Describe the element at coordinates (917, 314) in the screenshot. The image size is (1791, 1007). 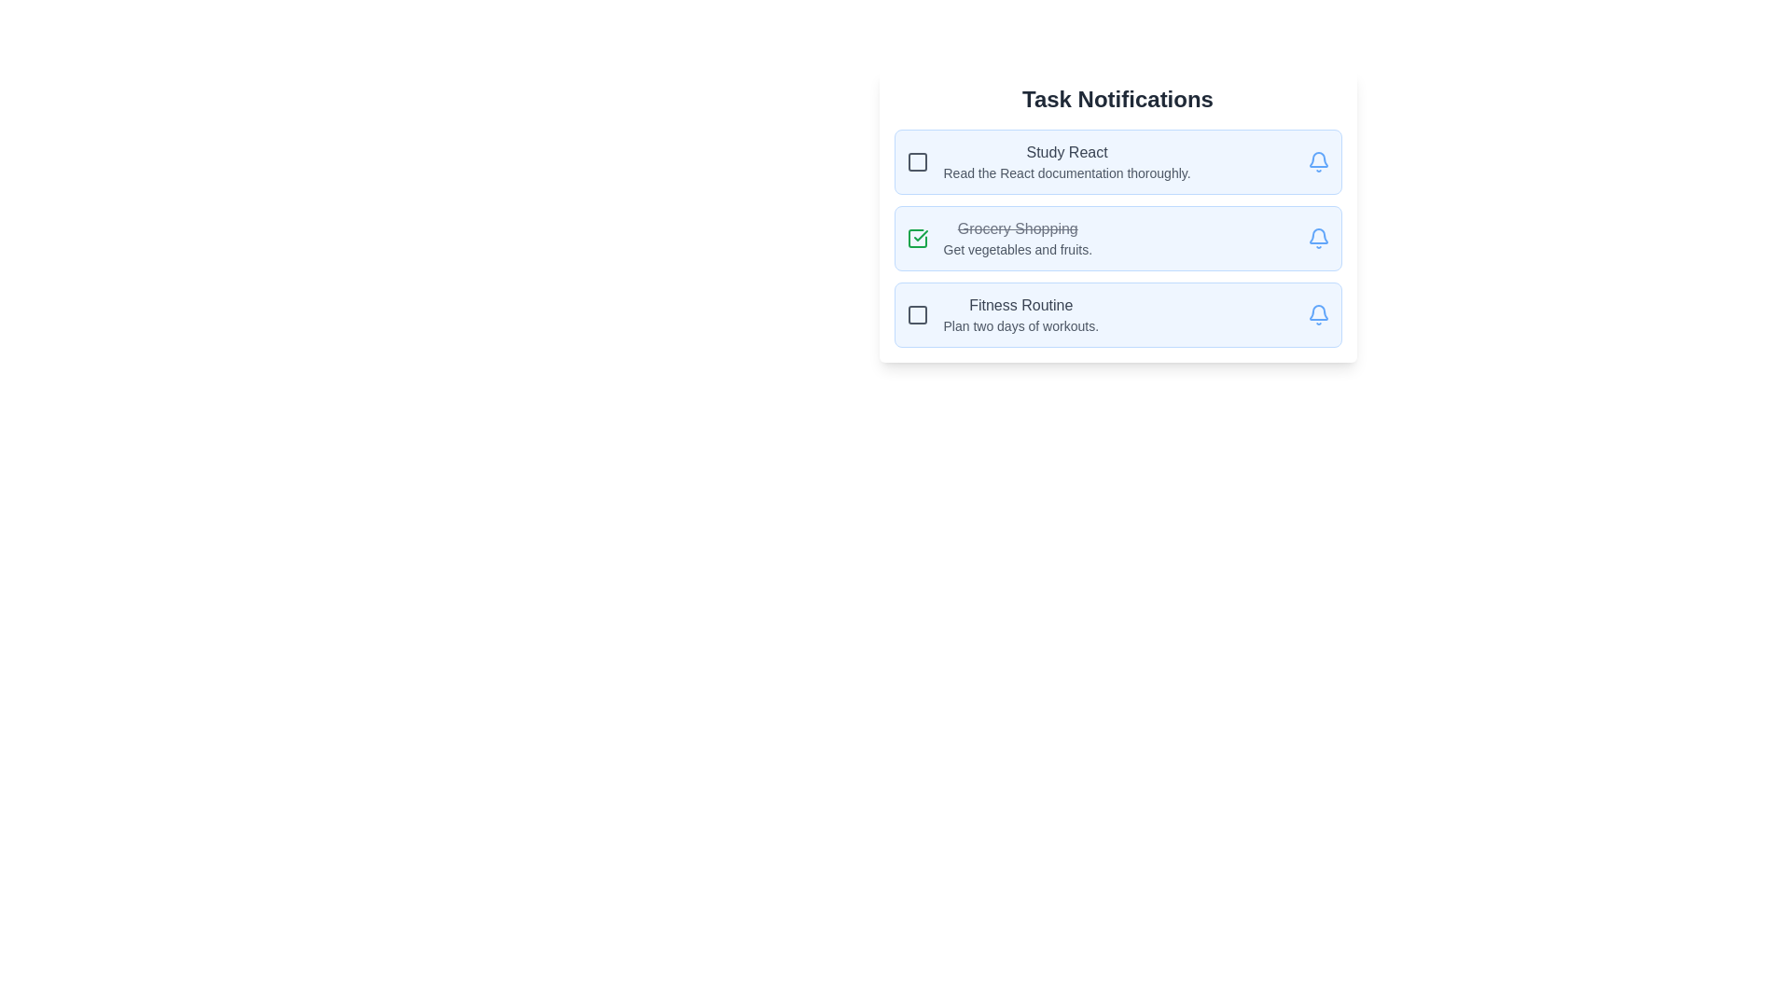
I see `the status indicated by the visual indicator (status icon) located at the leftmost side of the 'Fitness Routine' task row in the 'Task Notifications' panel, specifically for the third item in the task list` at that location.